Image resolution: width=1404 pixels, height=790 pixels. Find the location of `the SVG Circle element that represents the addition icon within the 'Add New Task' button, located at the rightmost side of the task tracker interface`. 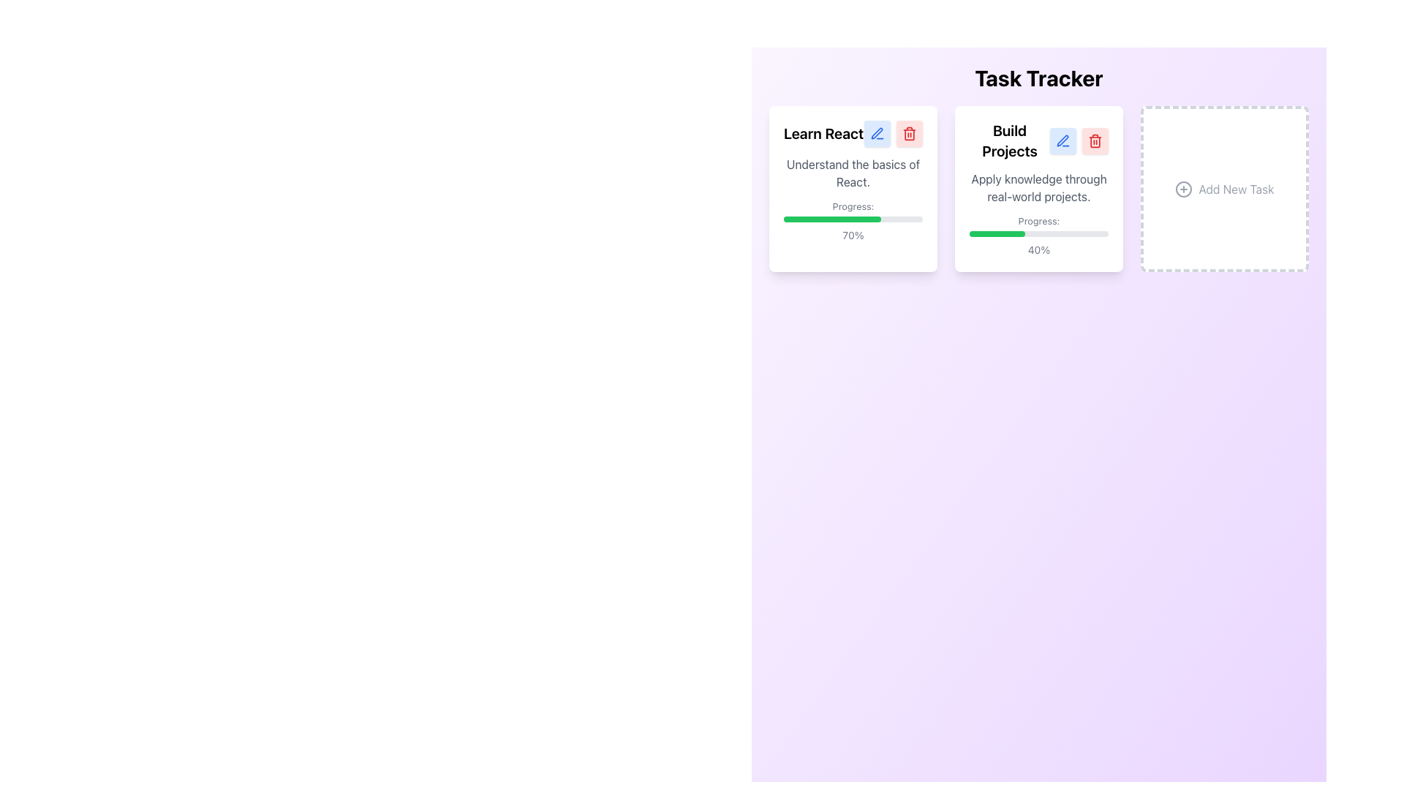

the SVG Circle element that represents the addition icon within the 'Add New Task' button, located at the rightmost side of the task tracker interface is located at coordinates (1184, 188).